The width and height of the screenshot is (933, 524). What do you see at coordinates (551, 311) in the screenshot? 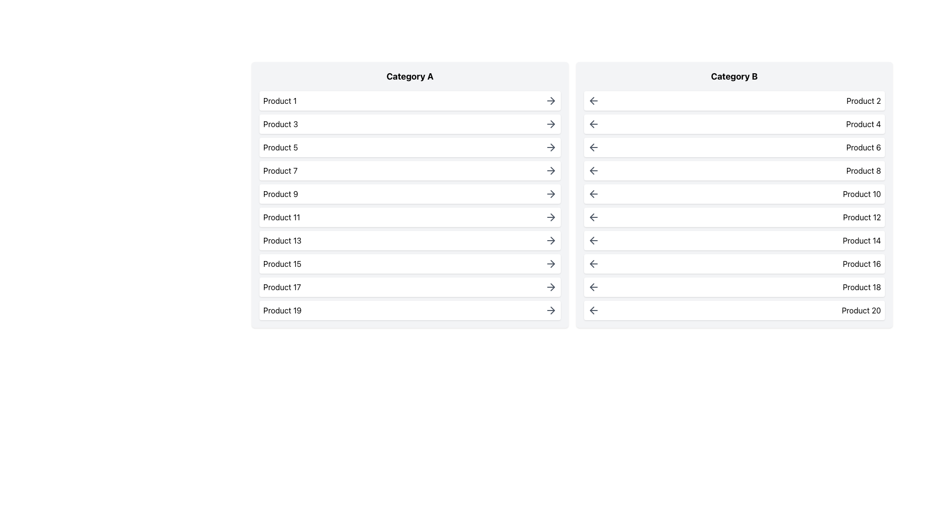
I see `the right-pointing arrow icon button located next to 'Product 19' in the left column 'Category A' to change its appearance` at bounding box center [551, 311].